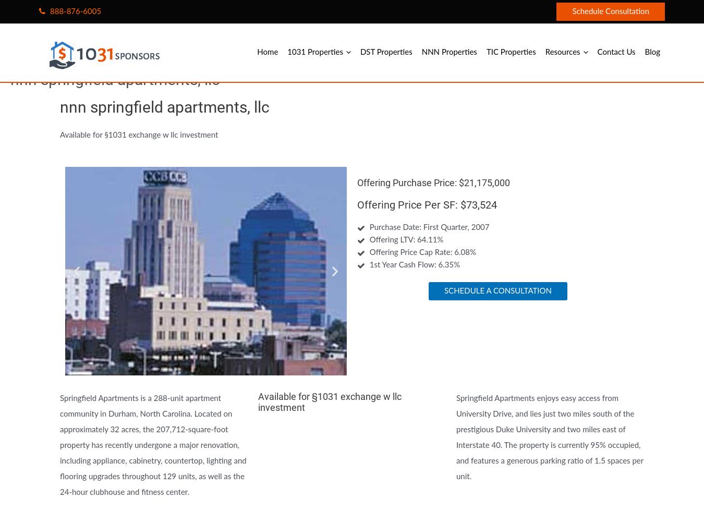 The width and height of the screenshot is (704, 511). What do you see at coordinates (510, 52) in the screenshot?
I see `'TIC Properties'` at bounding box center [510, 52].